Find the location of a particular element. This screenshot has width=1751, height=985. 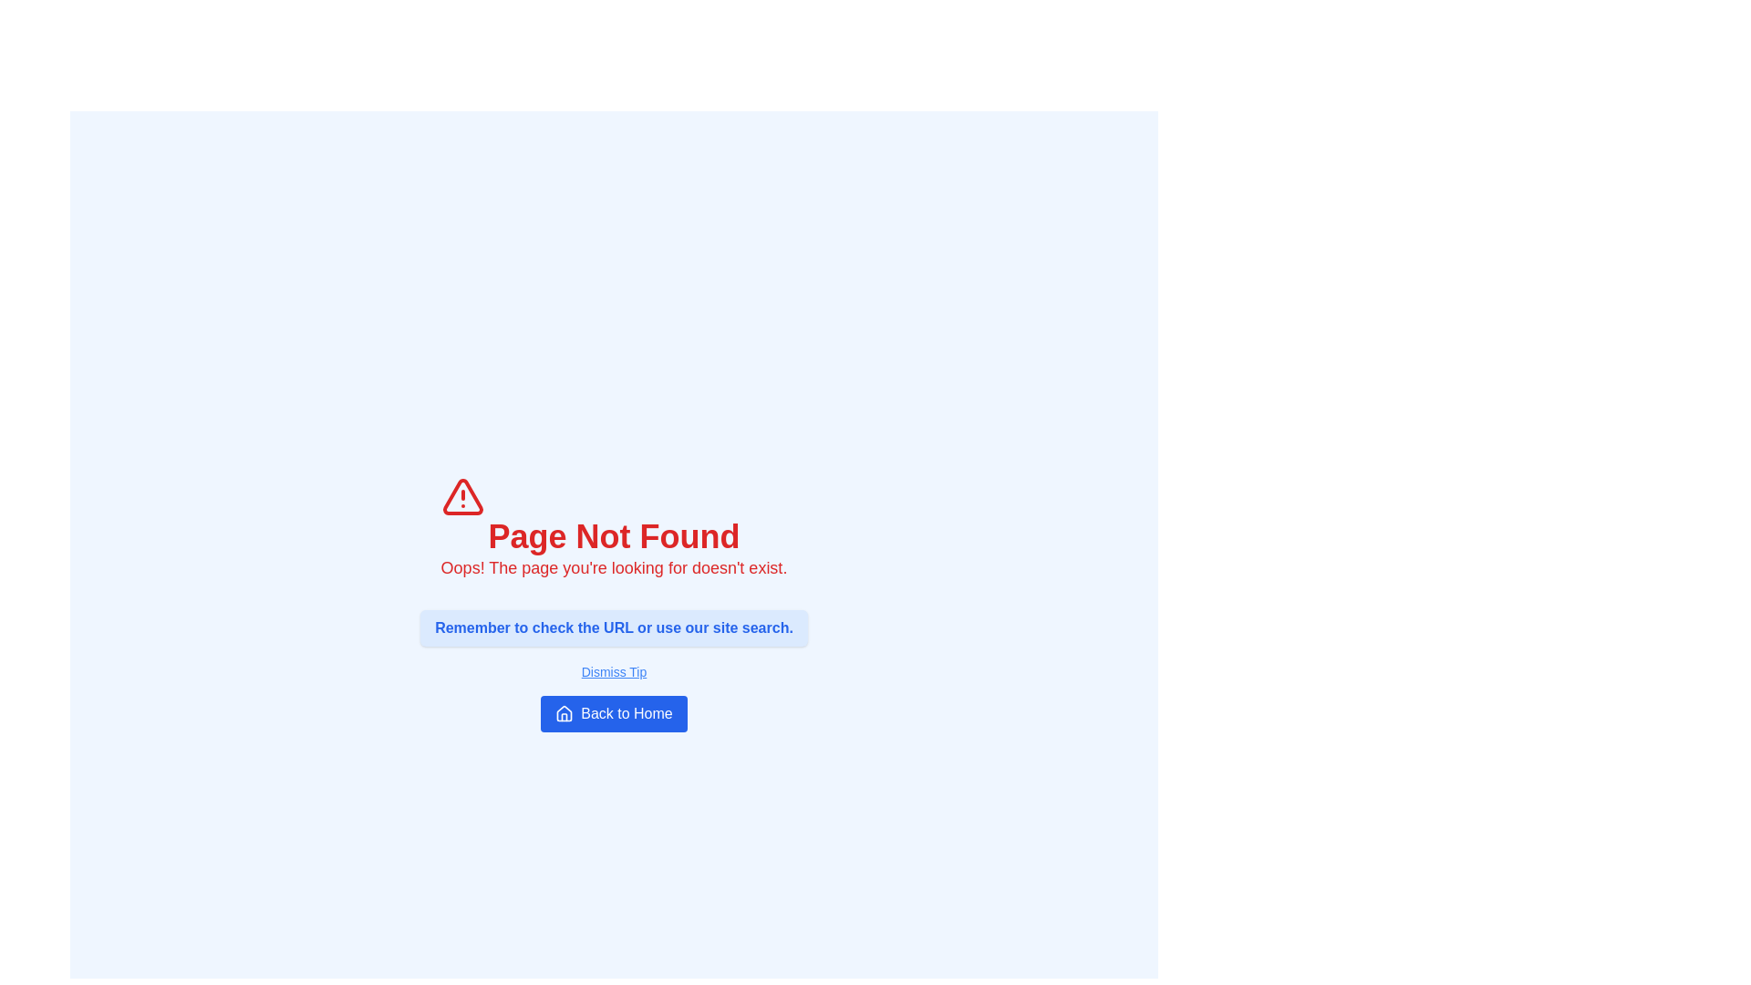

the 'Back to Home' button which contains the SVG icon of a house, located at the bottom-center of the interface is located at coordinates (564, 713).